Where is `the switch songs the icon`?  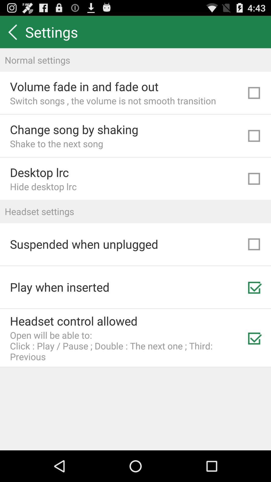 the switch songs the icon is located at coordinates (113, 100).